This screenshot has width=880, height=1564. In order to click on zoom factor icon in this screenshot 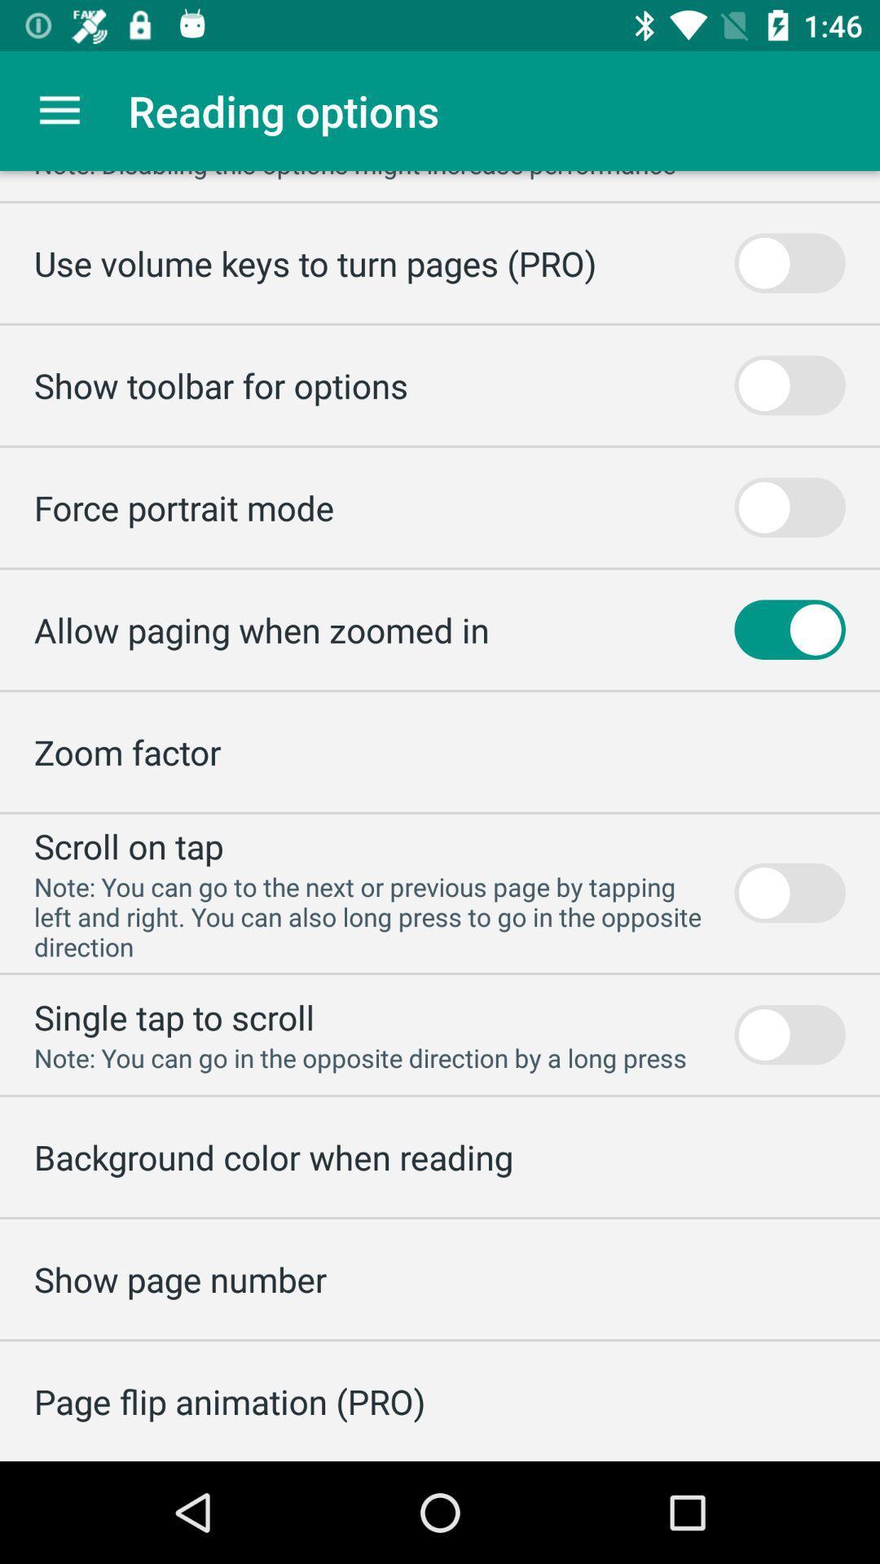, I will do `click(126, 751)`.